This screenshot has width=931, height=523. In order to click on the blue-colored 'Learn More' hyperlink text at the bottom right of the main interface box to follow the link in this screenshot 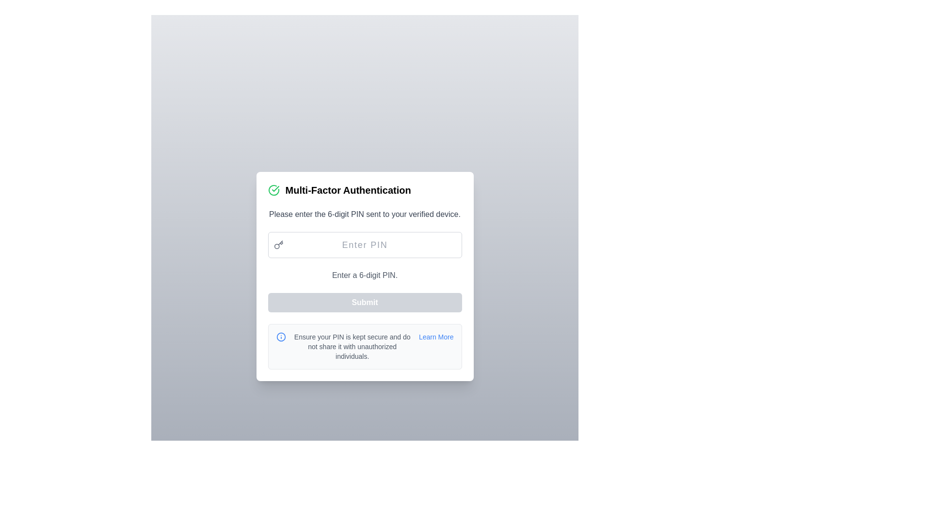, I will do `click(435, 336)`.